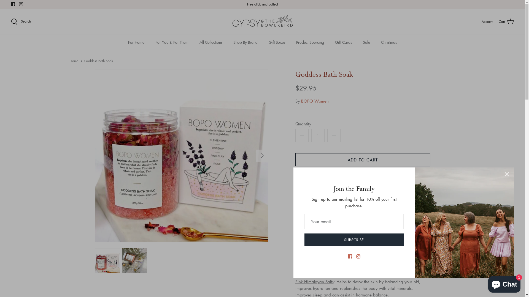 The height and width of the screenshot is (297, 529). I want to click on 'BOPO Women', so click(300, 101).